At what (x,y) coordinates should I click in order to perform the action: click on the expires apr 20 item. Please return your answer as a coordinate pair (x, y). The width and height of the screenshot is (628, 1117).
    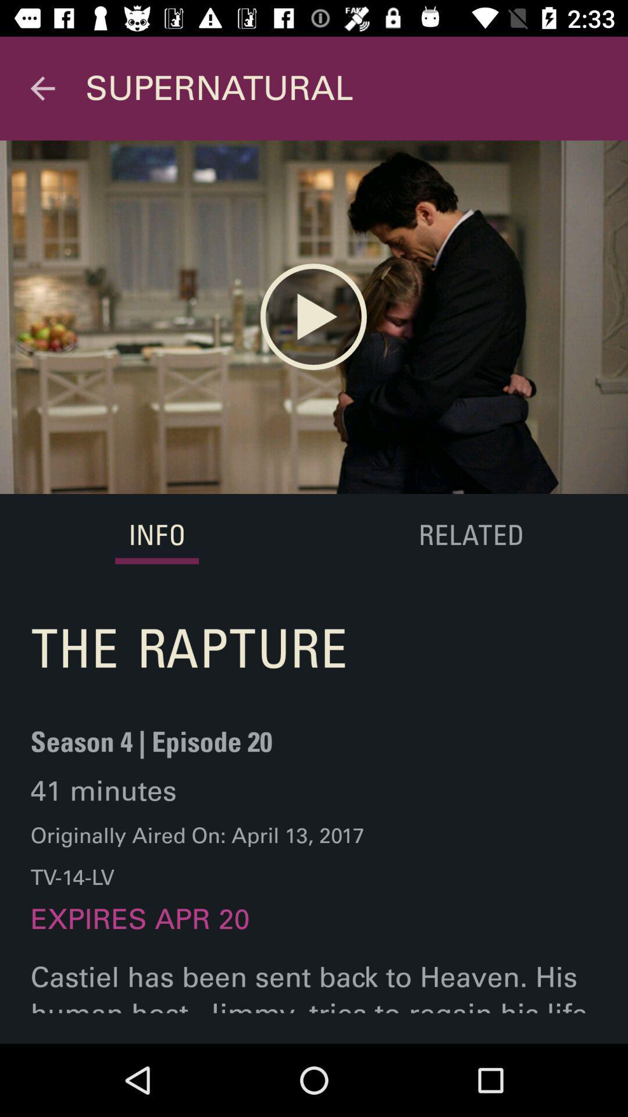
    Looking at the image, I should click on (140, 931).